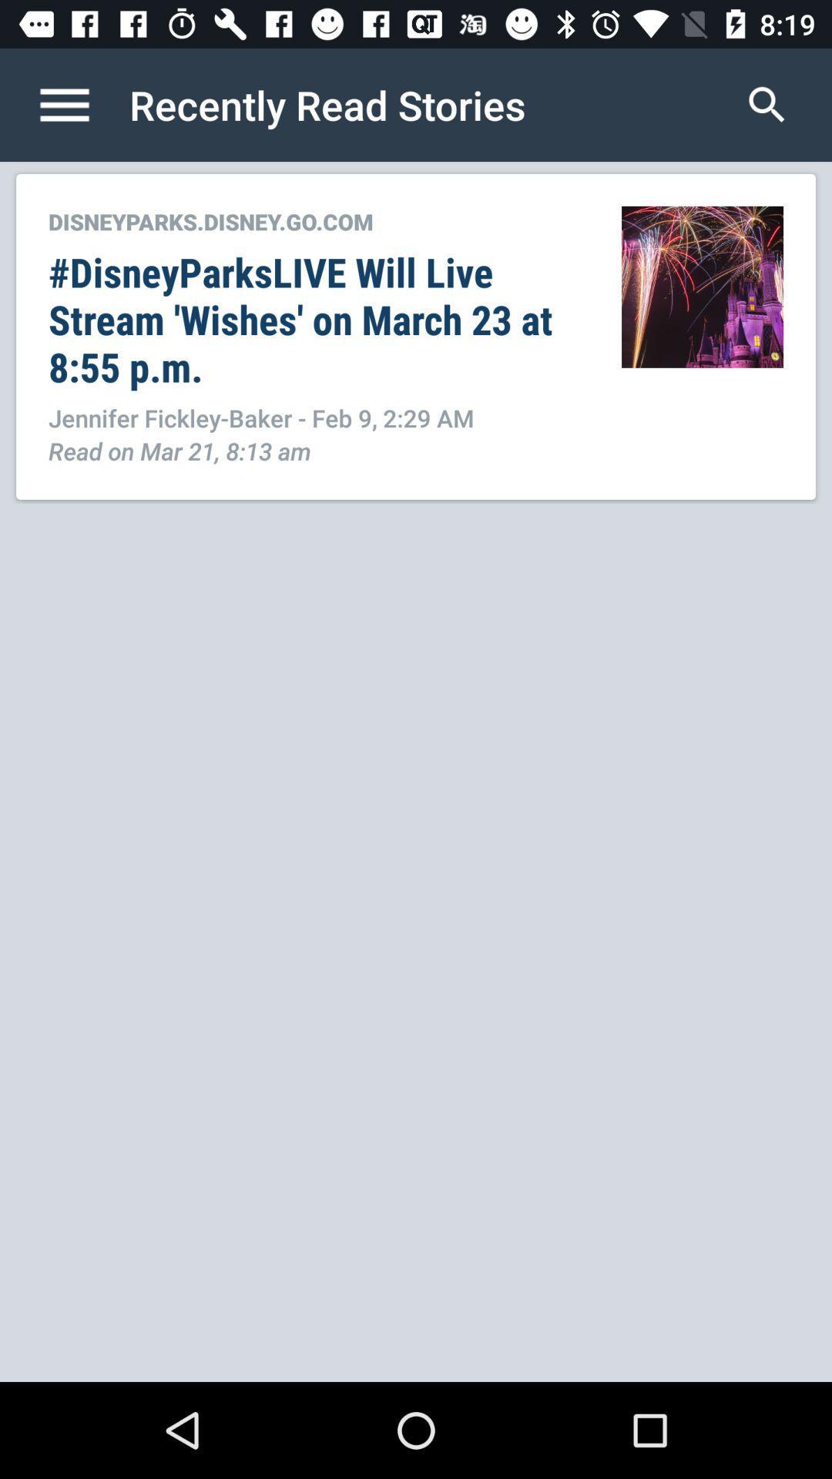 This screenshot has height=1479, width=832. Describe the element at coordinates (80, 104) in the screenshot. I see `the item next to recently read stories icon` at that location.